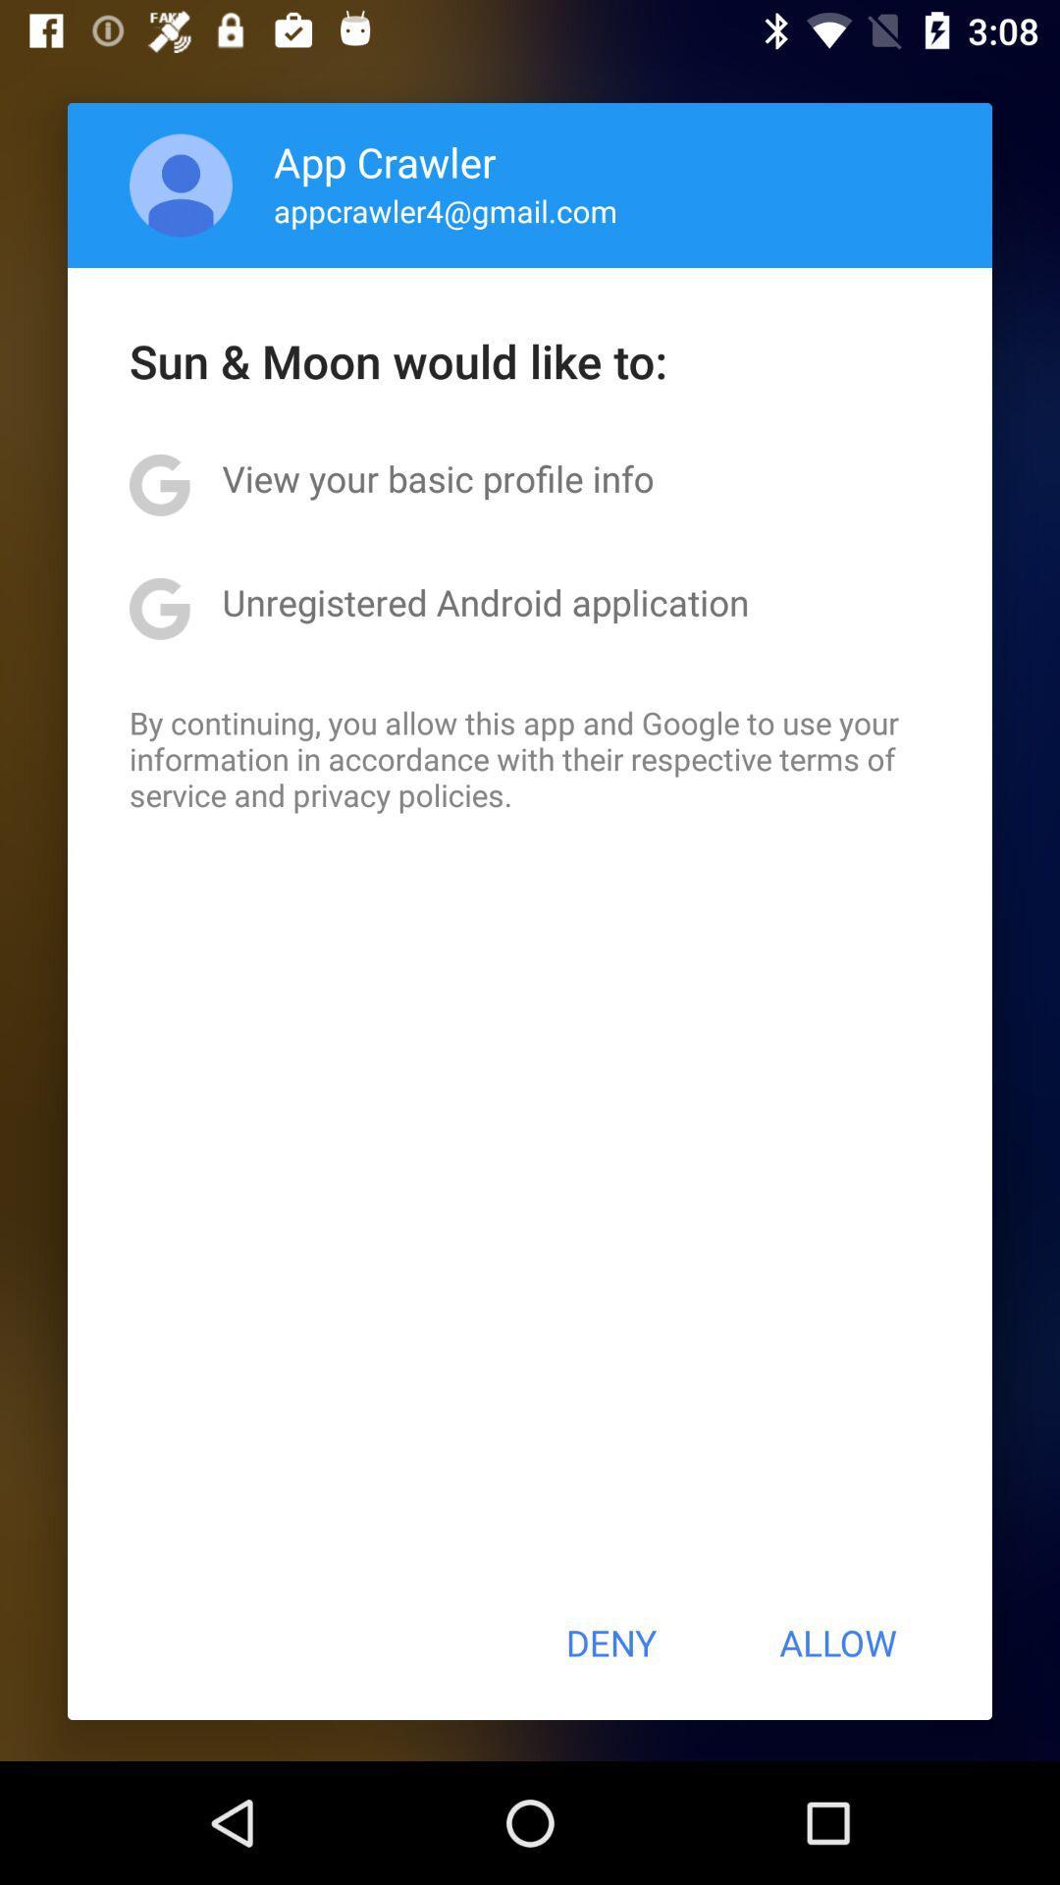 Image resolution: width=1060 pixels, height=1885 pixels. Describe the element at coordinates (446, 210) in the screenshot. I see `the appcrawler4@gmail.com app` at that location.